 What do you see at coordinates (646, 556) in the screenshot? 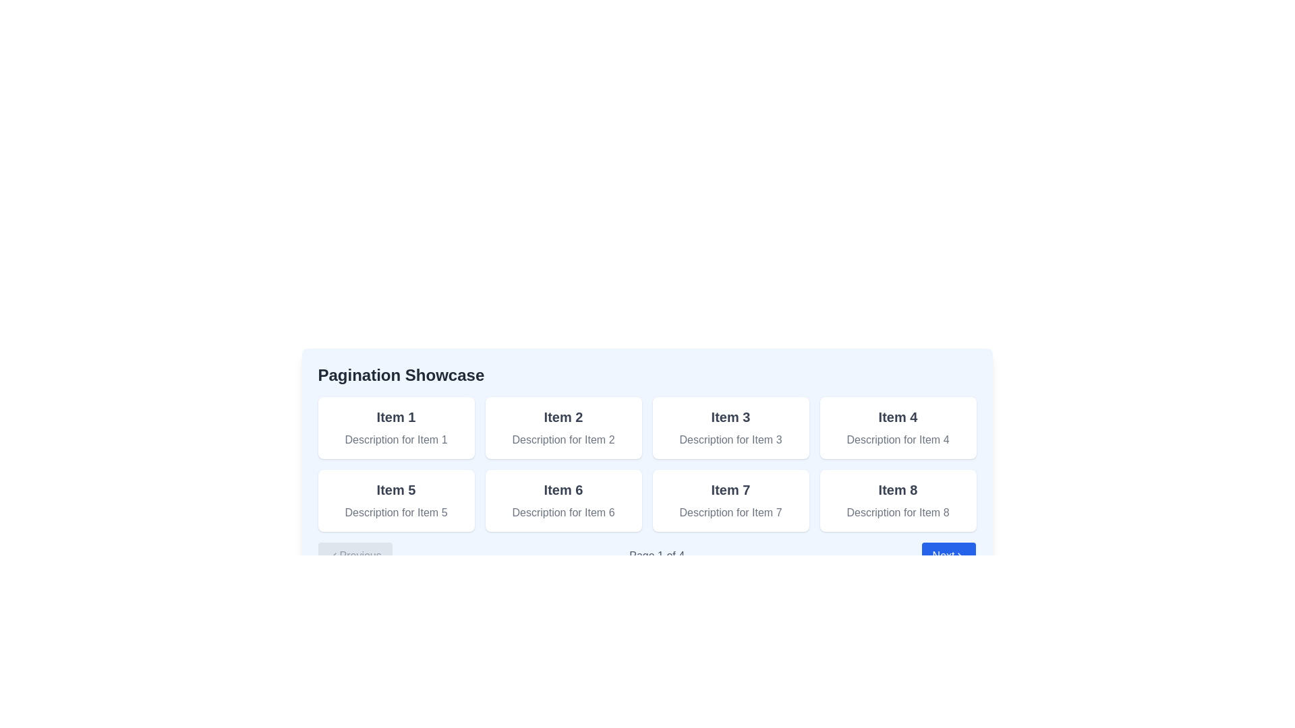
I see `the 'Next' button on the pagination bar located below the grid layout` at bounding box center [646, 556].